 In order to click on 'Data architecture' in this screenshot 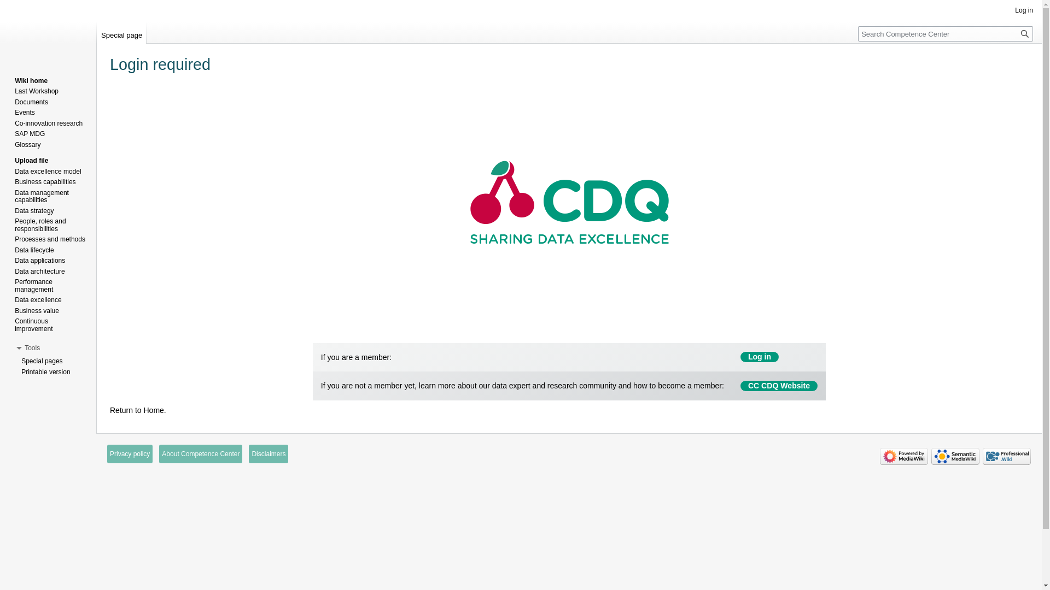, I will do `click(39, 271)`.